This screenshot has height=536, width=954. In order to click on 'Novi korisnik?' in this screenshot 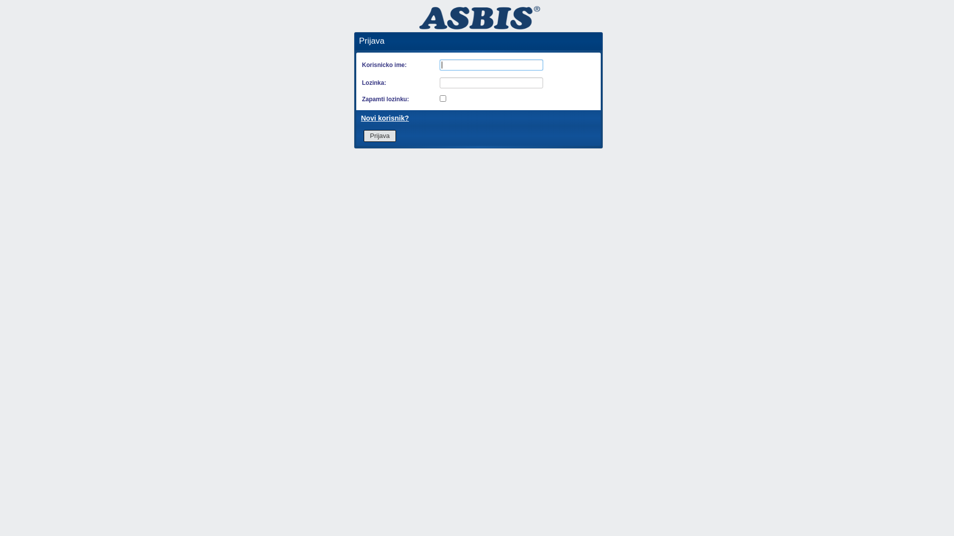, I will do `click(384, 118)`.